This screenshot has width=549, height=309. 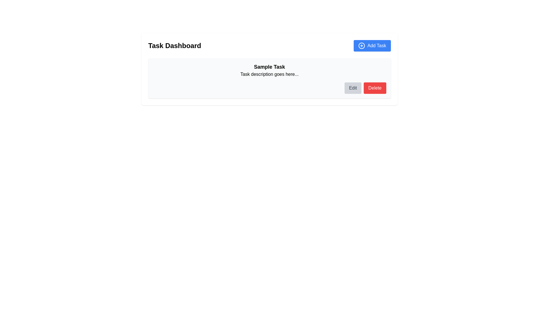 I want to click on the addition icon located within the 'Add Task' button at the top-right corner of the interface, which is visually paired with the 'Add Task' text, so click(x=361, y=45).